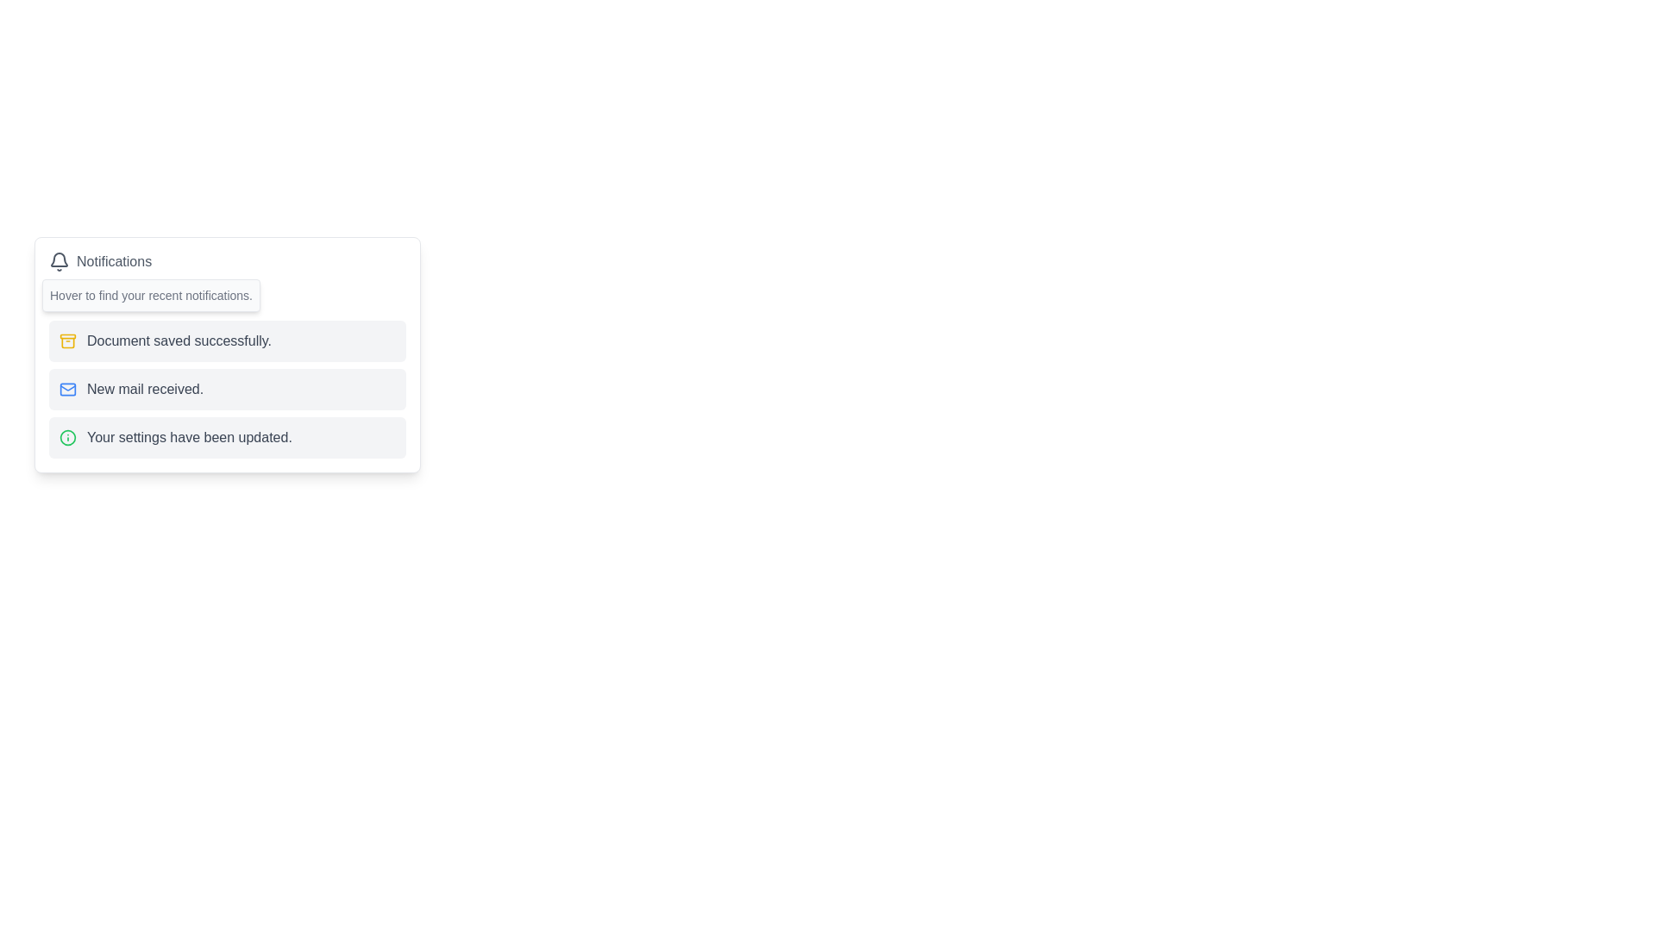 This screenshot has width=1656, height=931. Describe the element at coordinates (67, 341) in the screenshot. I see `the small yellow archive box icon located to the left of the text 'Document saved successfully.'` at that location.